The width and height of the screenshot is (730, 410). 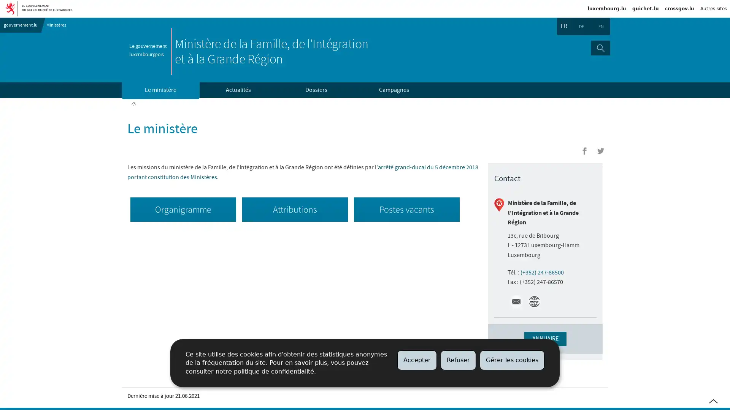 I want to click on Refuser, so click(x=458, y=360).